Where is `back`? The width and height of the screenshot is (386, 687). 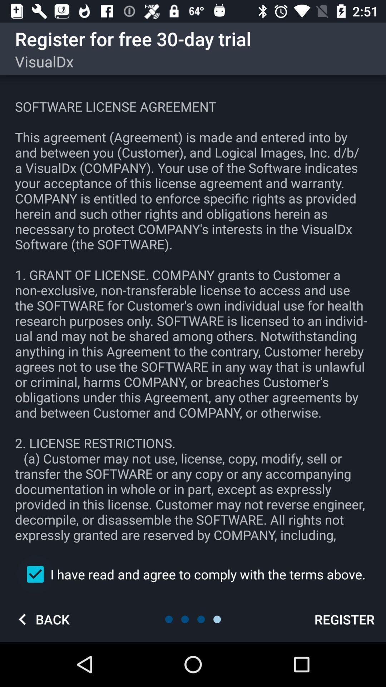
back is located at coordinates (41, 619).